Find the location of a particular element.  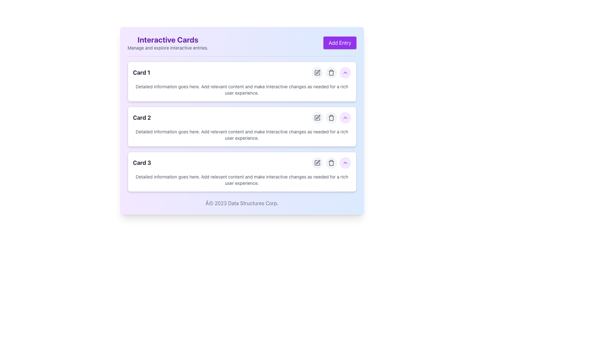

information displayed on the Card component labeled 'Card 2', which is the second card in the 'Interactive Cards' section is located at coordinates (241, 126).